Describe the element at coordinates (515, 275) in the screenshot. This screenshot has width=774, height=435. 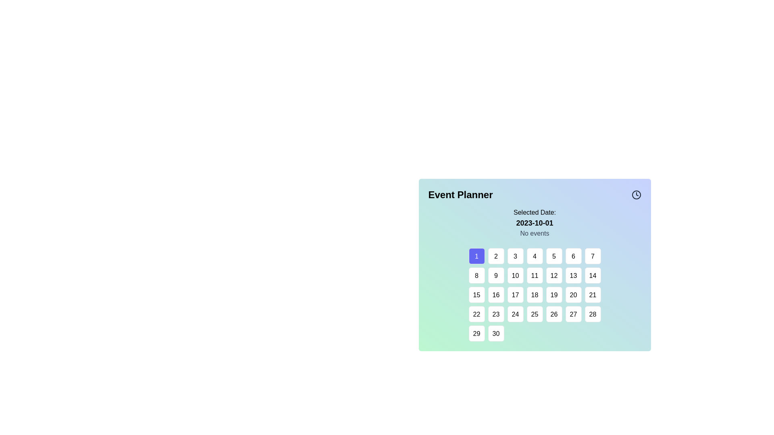
I see `the rounded button labeled '10' in the calendar grid` at that location.